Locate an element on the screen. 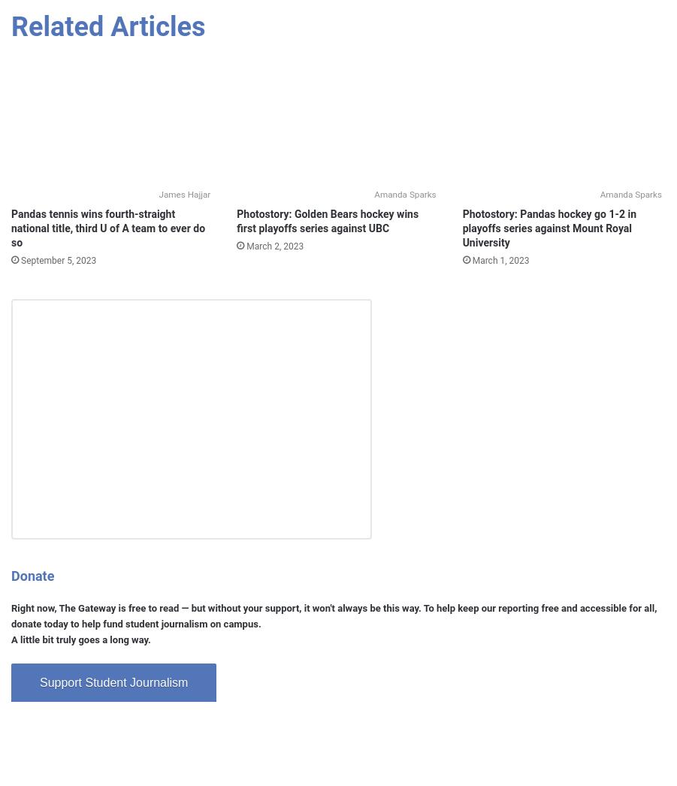  'Photostory: Pandas hockey go 1-2 in playoffs series against Mount Royal University' is located at coordinates (548, 228).